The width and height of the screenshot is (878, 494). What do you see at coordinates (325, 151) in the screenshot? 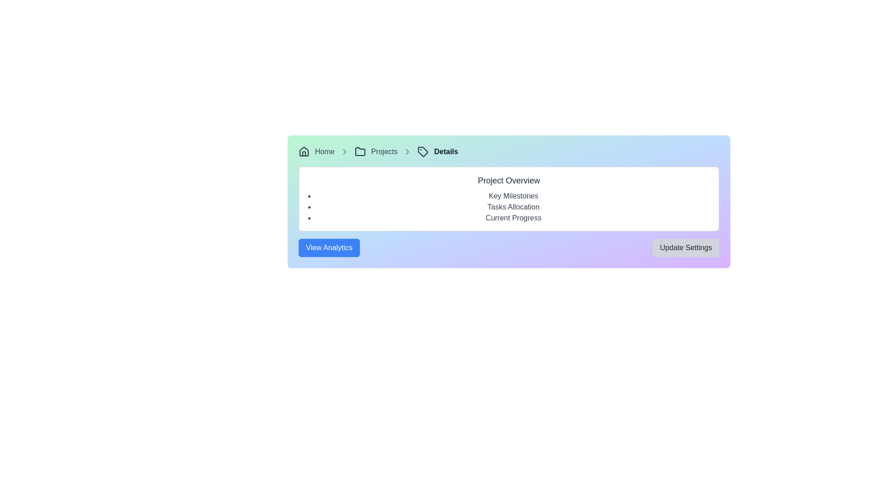
I see `the breadcrumb text link located near the top-left of the content section` at bounding box center [325, 151].